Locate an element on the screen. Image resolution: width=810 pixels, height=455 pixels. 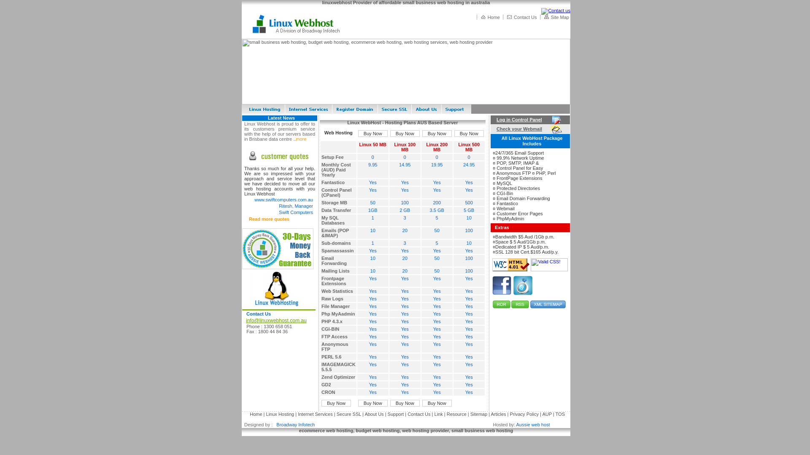
'more' is located at coordinates (301, 139).